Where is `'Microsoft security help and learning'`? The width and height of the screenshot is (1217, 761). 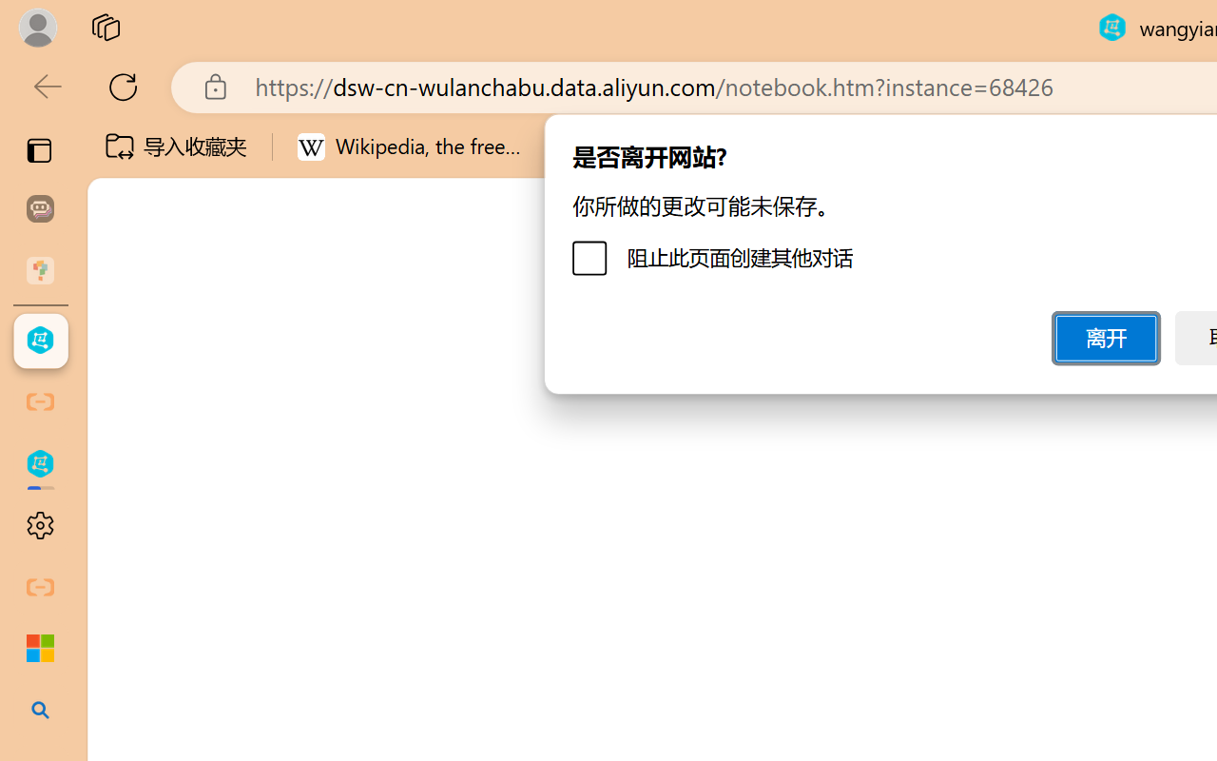 'Microsoft security help and learning' is located at coordinates (40, 649).